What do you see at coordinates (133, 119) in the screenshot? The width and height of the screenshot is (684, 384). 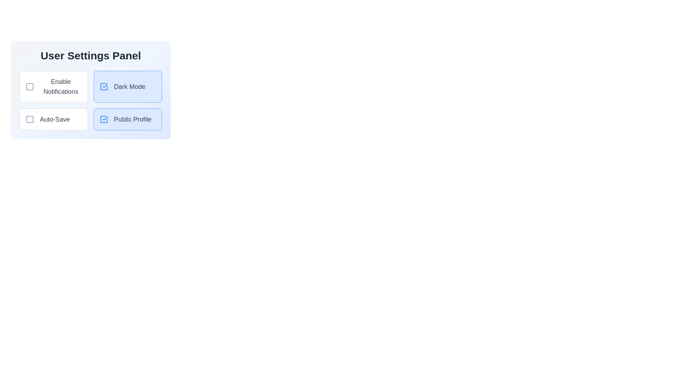 I see `'Public Profile' text label, which is styled in gray within a blue-bordered box and located at the bottom-right option in the User Settings Panel, next to a checkmark icon` at bounding box center [133, 119].